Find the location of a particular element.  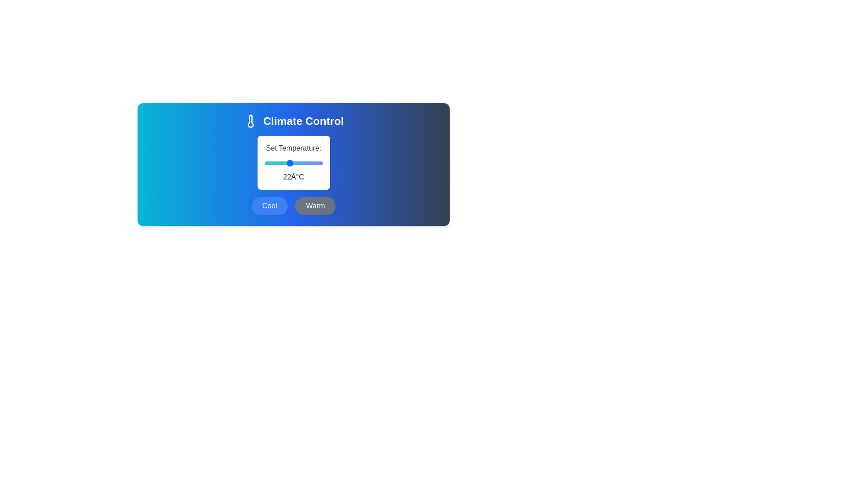

the temperature is located at coordinates (306, 163).